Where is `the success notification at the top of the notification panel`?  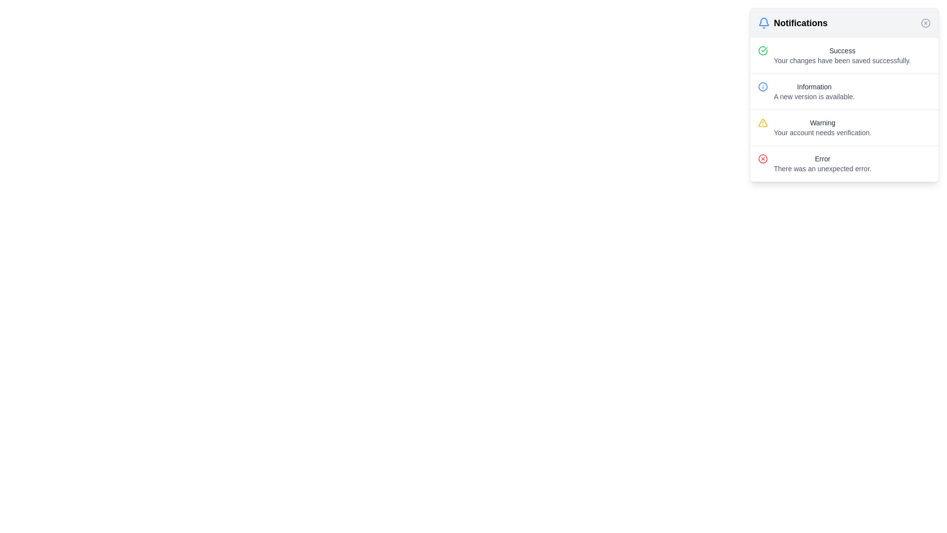
the success notification at the top of the notification panel is located at coordinates (844, 55).